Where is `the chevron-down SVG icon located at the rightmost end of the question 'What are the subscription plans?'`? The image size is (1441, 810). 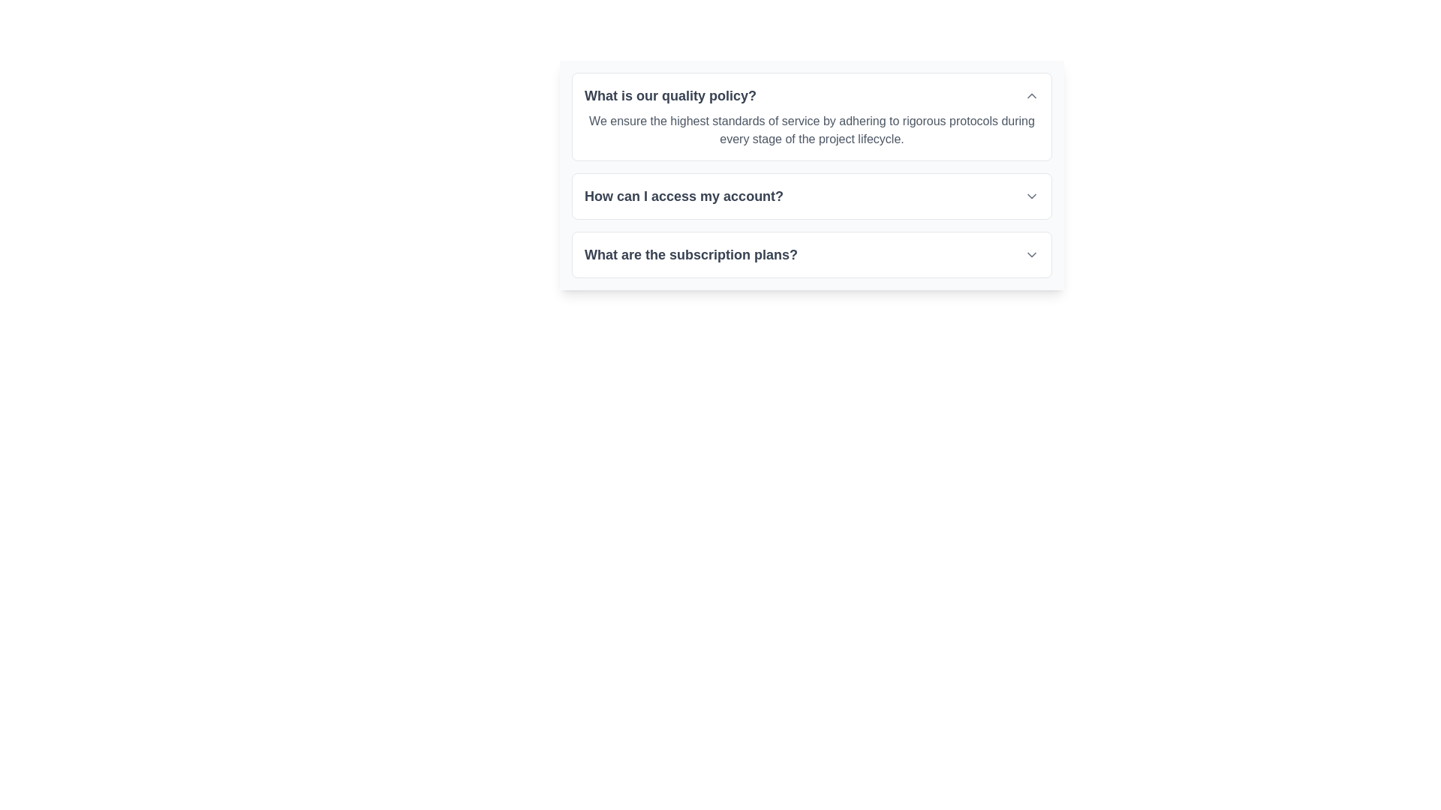
the chevron-down SVG icon located at the rightmost end of the question 'What are the subscription plans?' is located at coordinates (1030, 253).